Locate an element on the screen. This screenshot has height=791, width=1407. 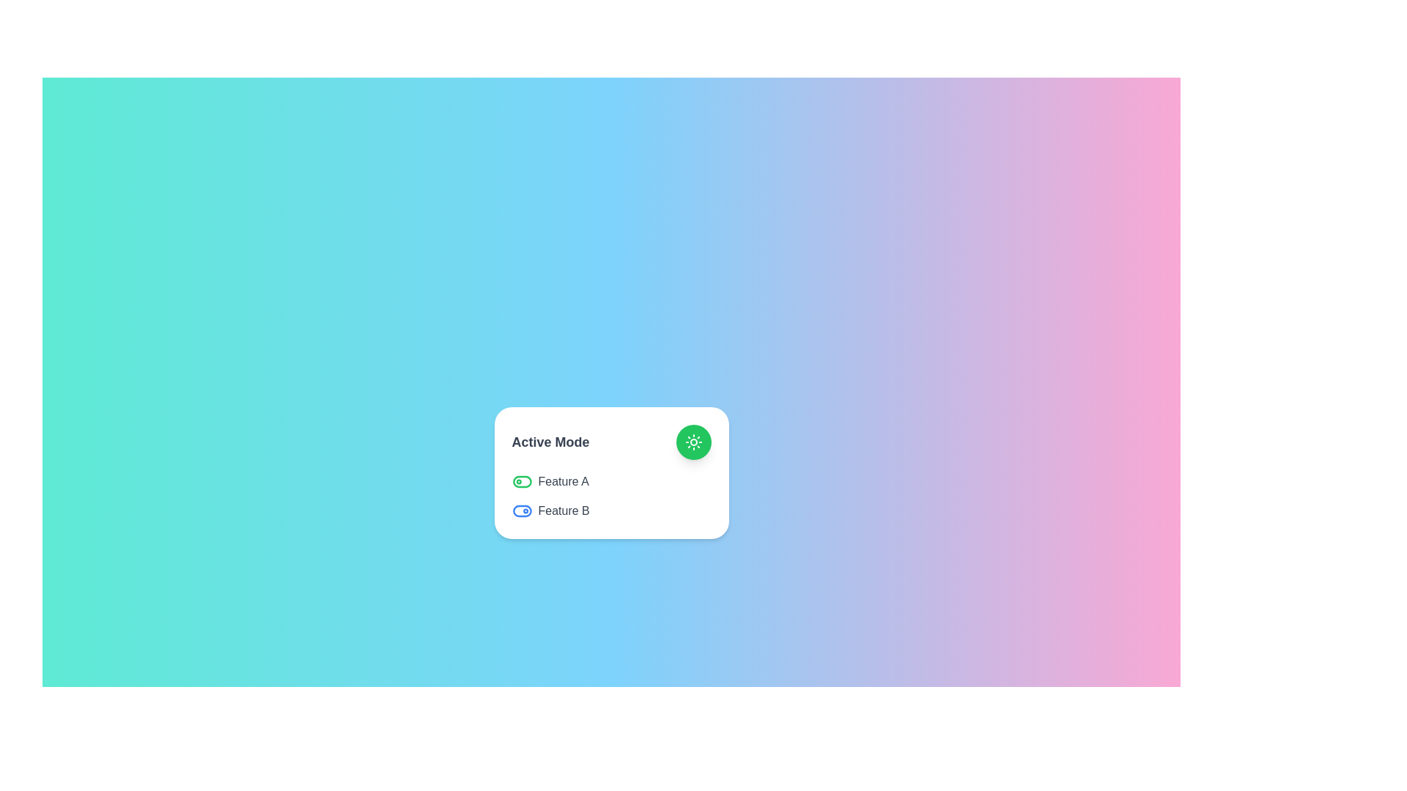
the text label 'Feature B' which is a dark gray sans-serif font label indicating the status of a feature, located to the right of its toggle icon and positioned beneath 'Active Mode' is located at coordinates (563, 510).